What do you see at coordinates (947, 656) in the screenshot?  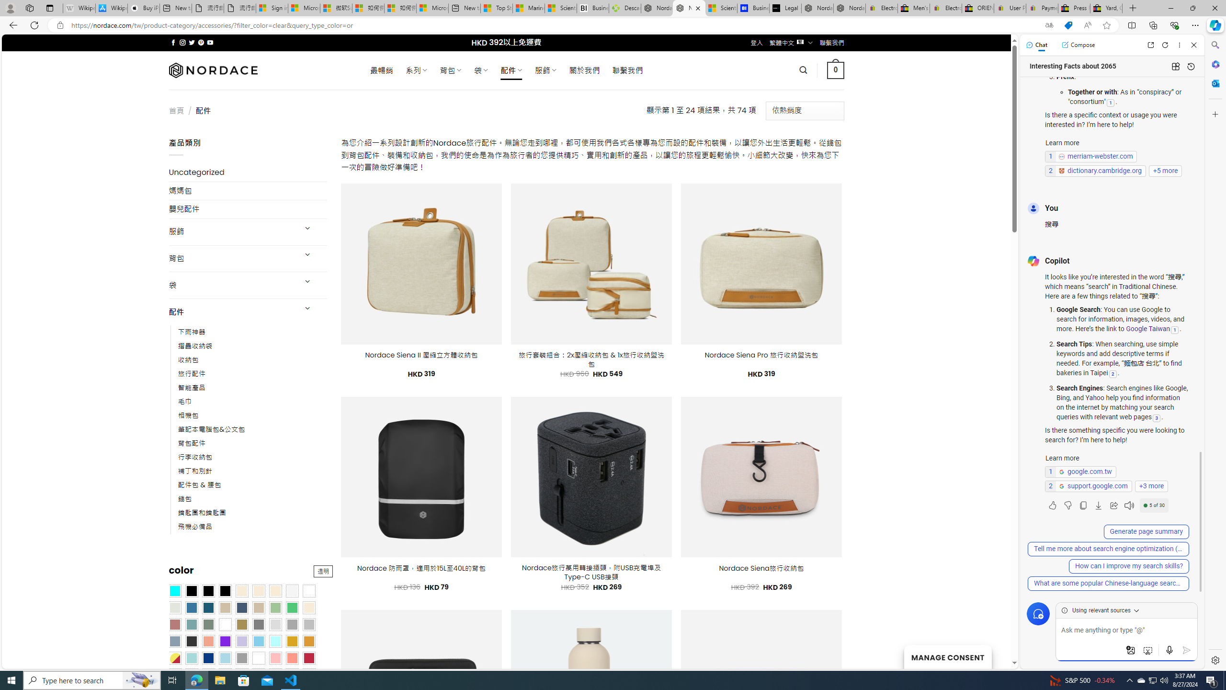 I see `'MANAGE CONSENT'` at bounding box center [947, 656].